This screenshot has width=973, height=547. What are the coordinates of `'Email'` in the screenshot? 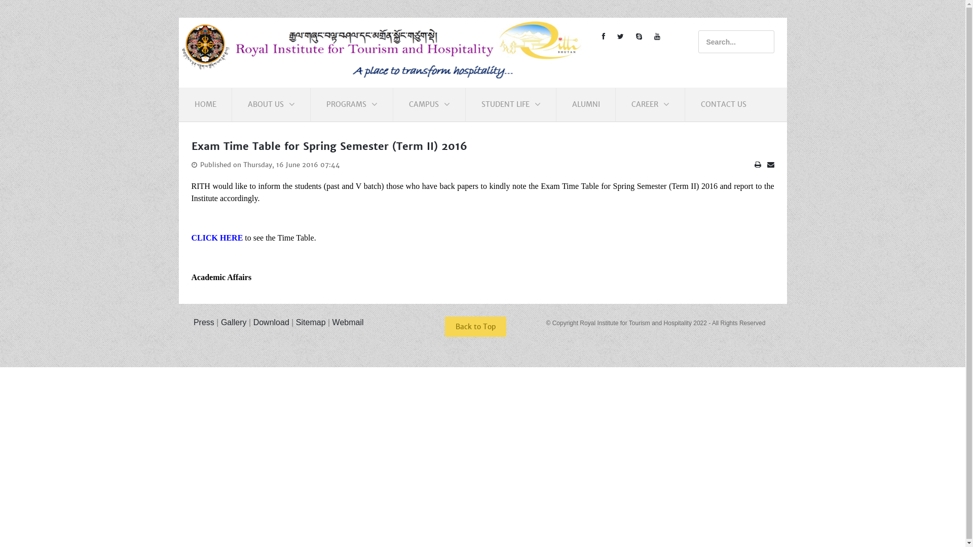 It's located at (770, 164).